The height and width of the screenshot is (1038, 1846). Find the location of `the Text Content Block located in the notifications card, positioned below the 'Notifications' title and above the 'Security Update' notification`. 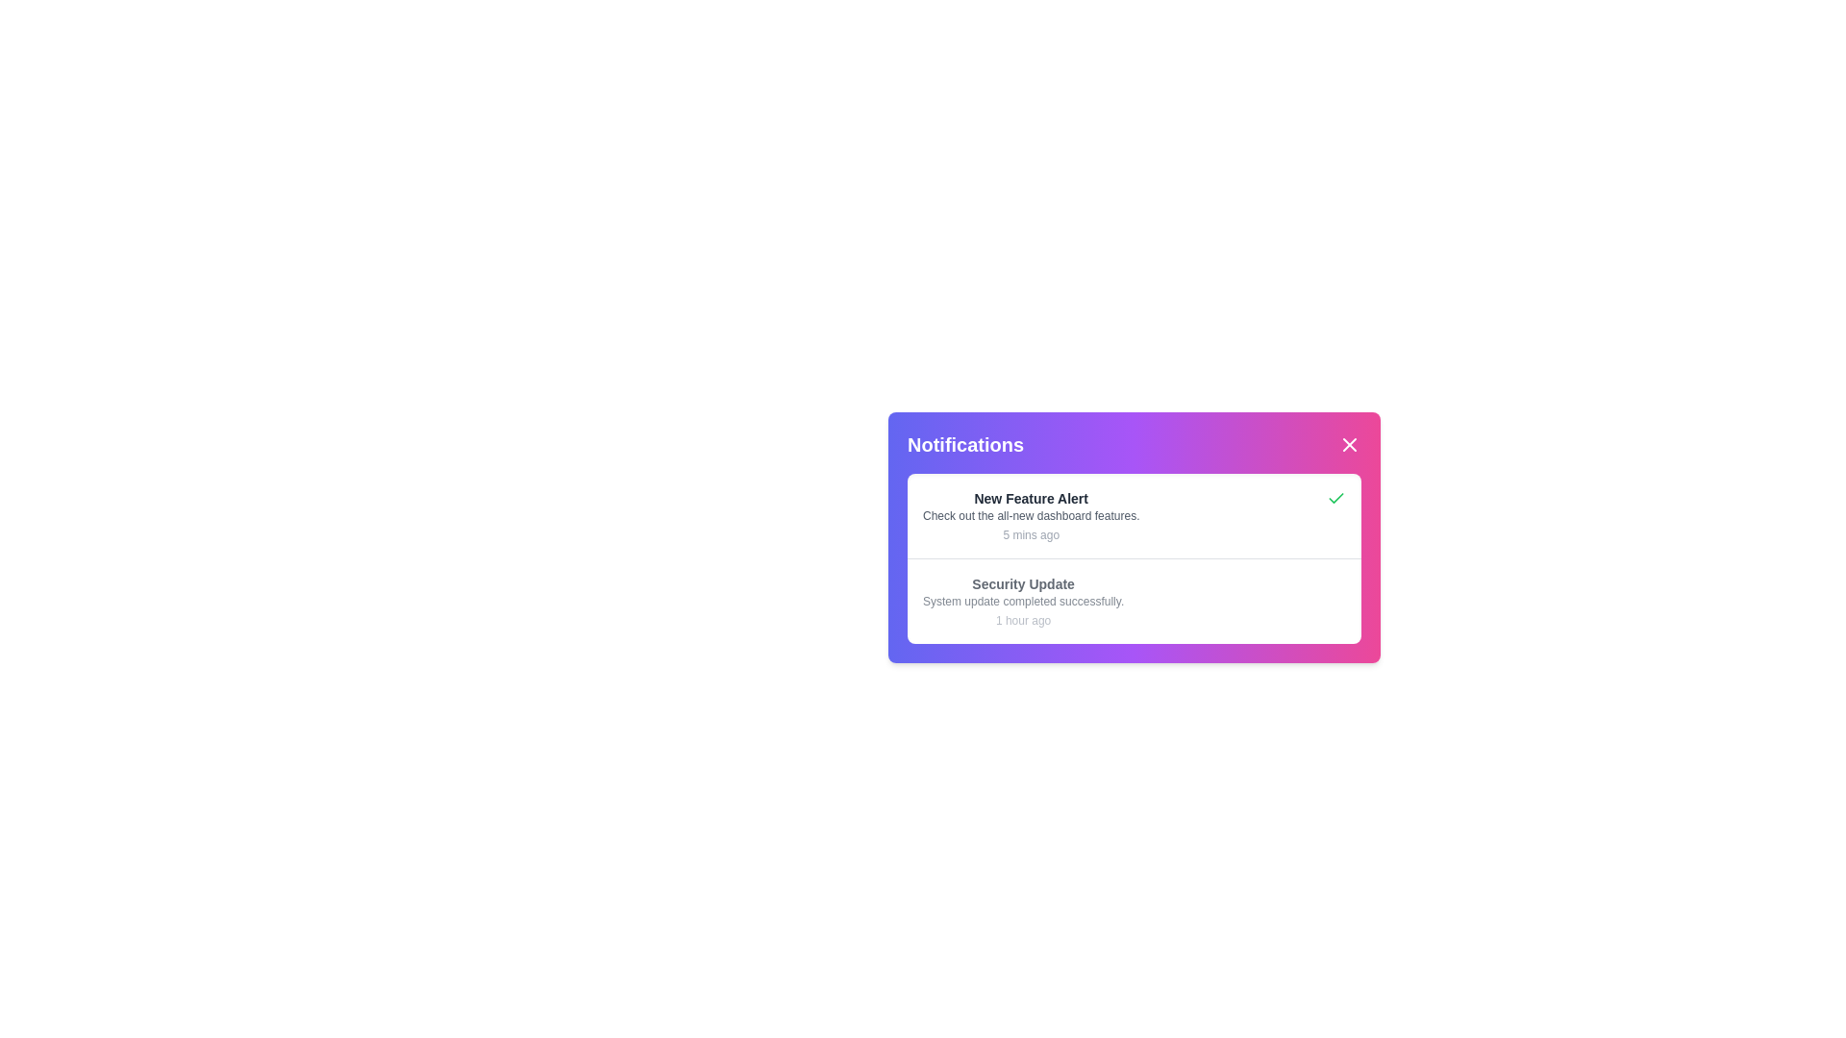

the Text Content Block located in the notifications card, positioned below the 'Notifications' title and above the 'Security Update' notification is located at coordinates (1030, 514).